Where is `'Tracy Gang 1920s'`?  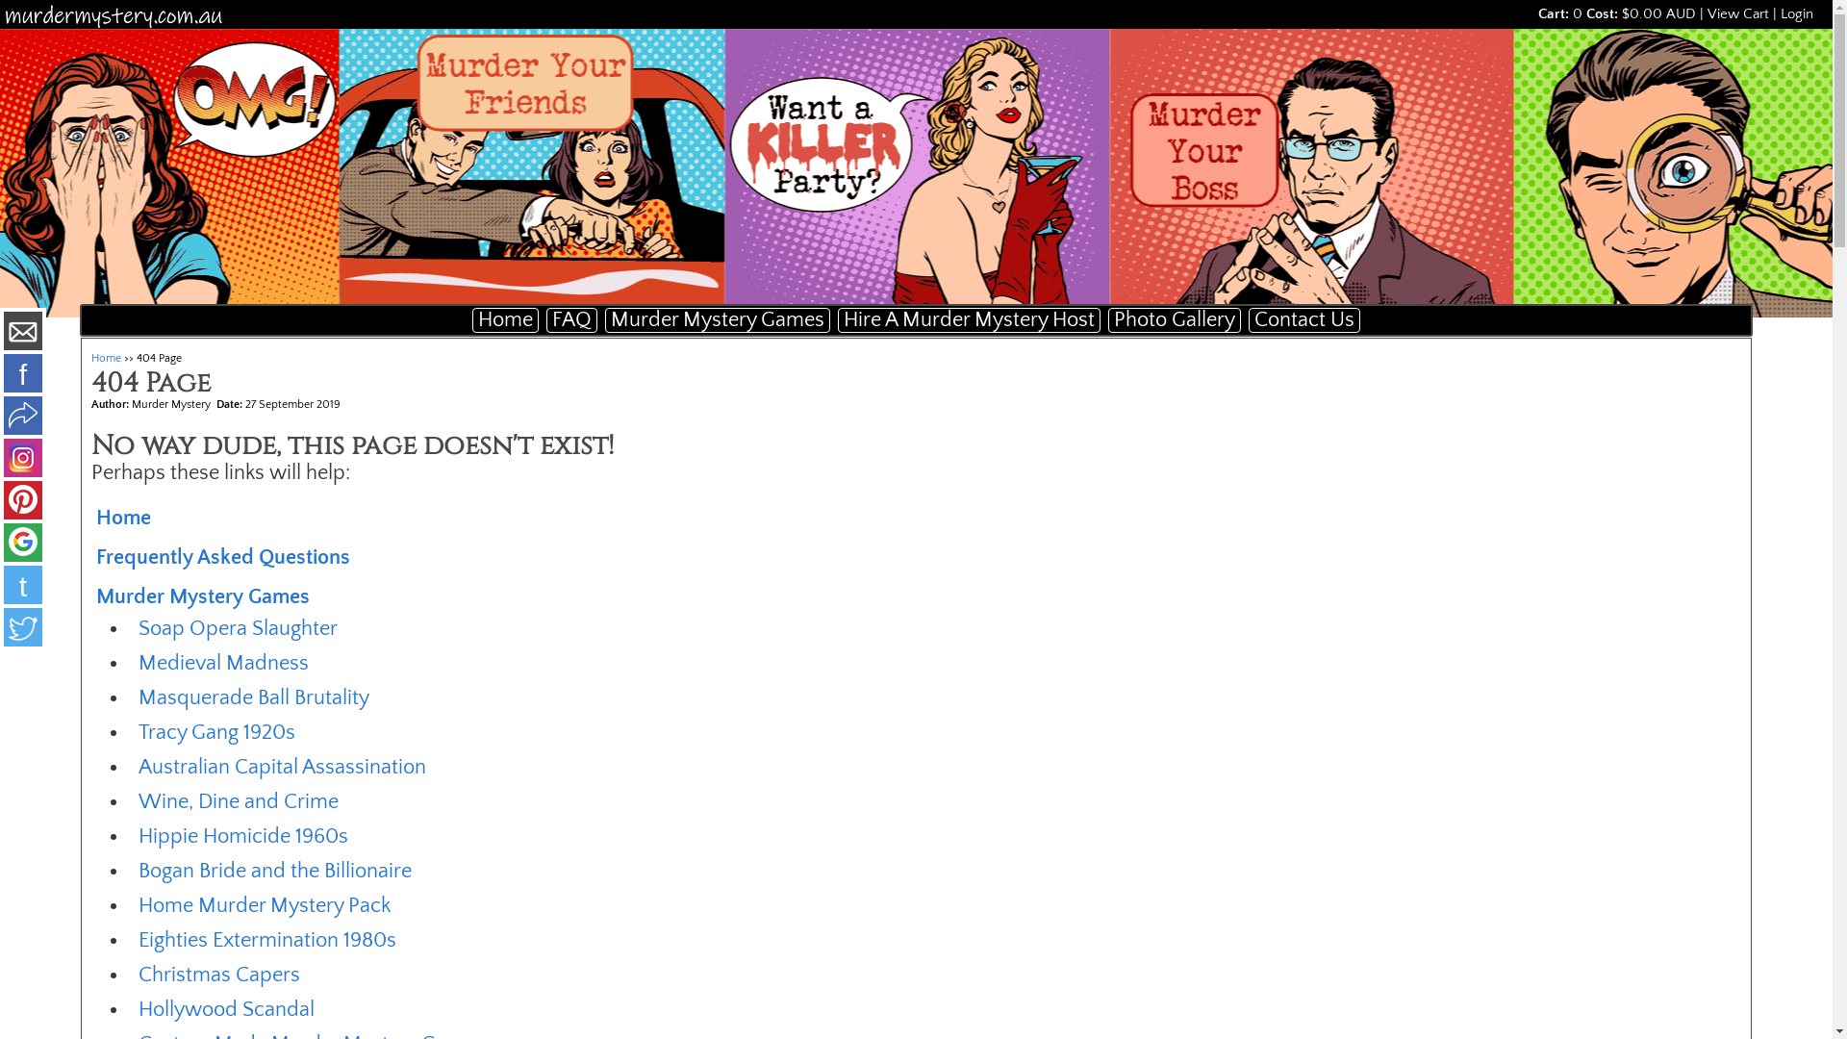 'Tracy Gang 1920s' is located at coordinates (216, 732).